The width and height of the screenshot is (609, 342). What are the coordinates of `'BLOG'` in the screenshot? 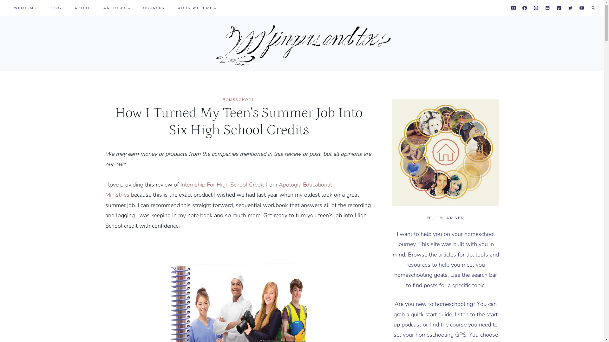 It's located at (55, 8).